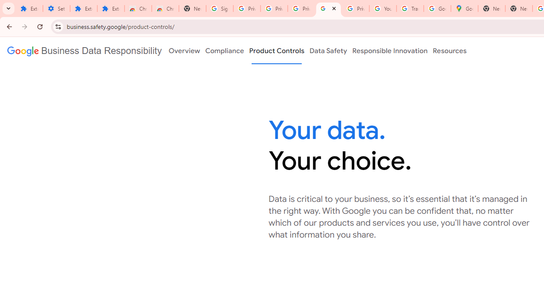 This screenshot has width=544, height=306. Describe the element at coordinates (328, 51) in the screenshot. I see `'Data Safety'` at that location.